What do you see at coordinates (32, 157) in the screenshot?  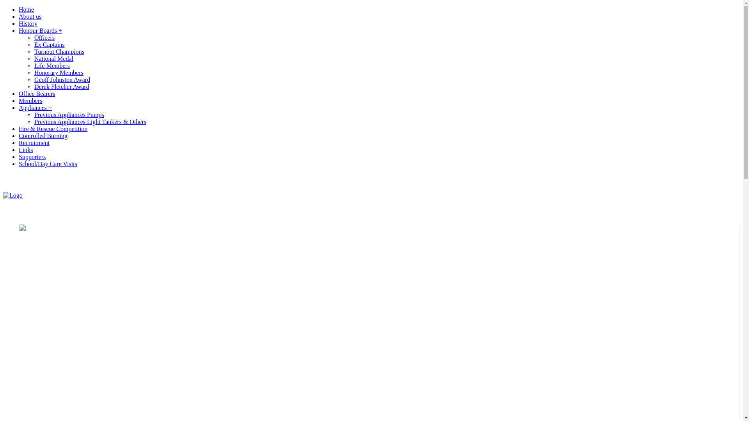 I see `'Supporters'` at bounding box center [32, 157].